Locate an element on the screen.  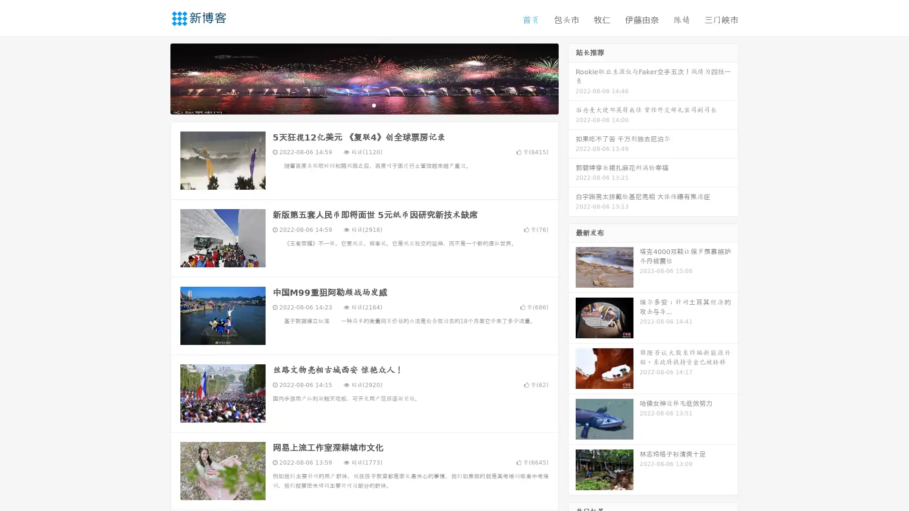
Go to slide 2 is located at coordinates (364, 106).